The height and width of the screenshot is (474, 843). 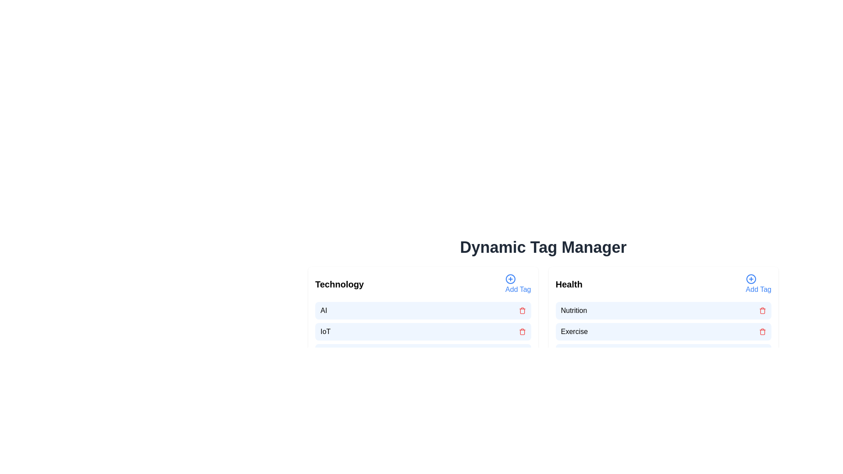 I want to click on the button for adding a new tag to the 'Technology' category to observe the style change, so click(x=518, y=284).